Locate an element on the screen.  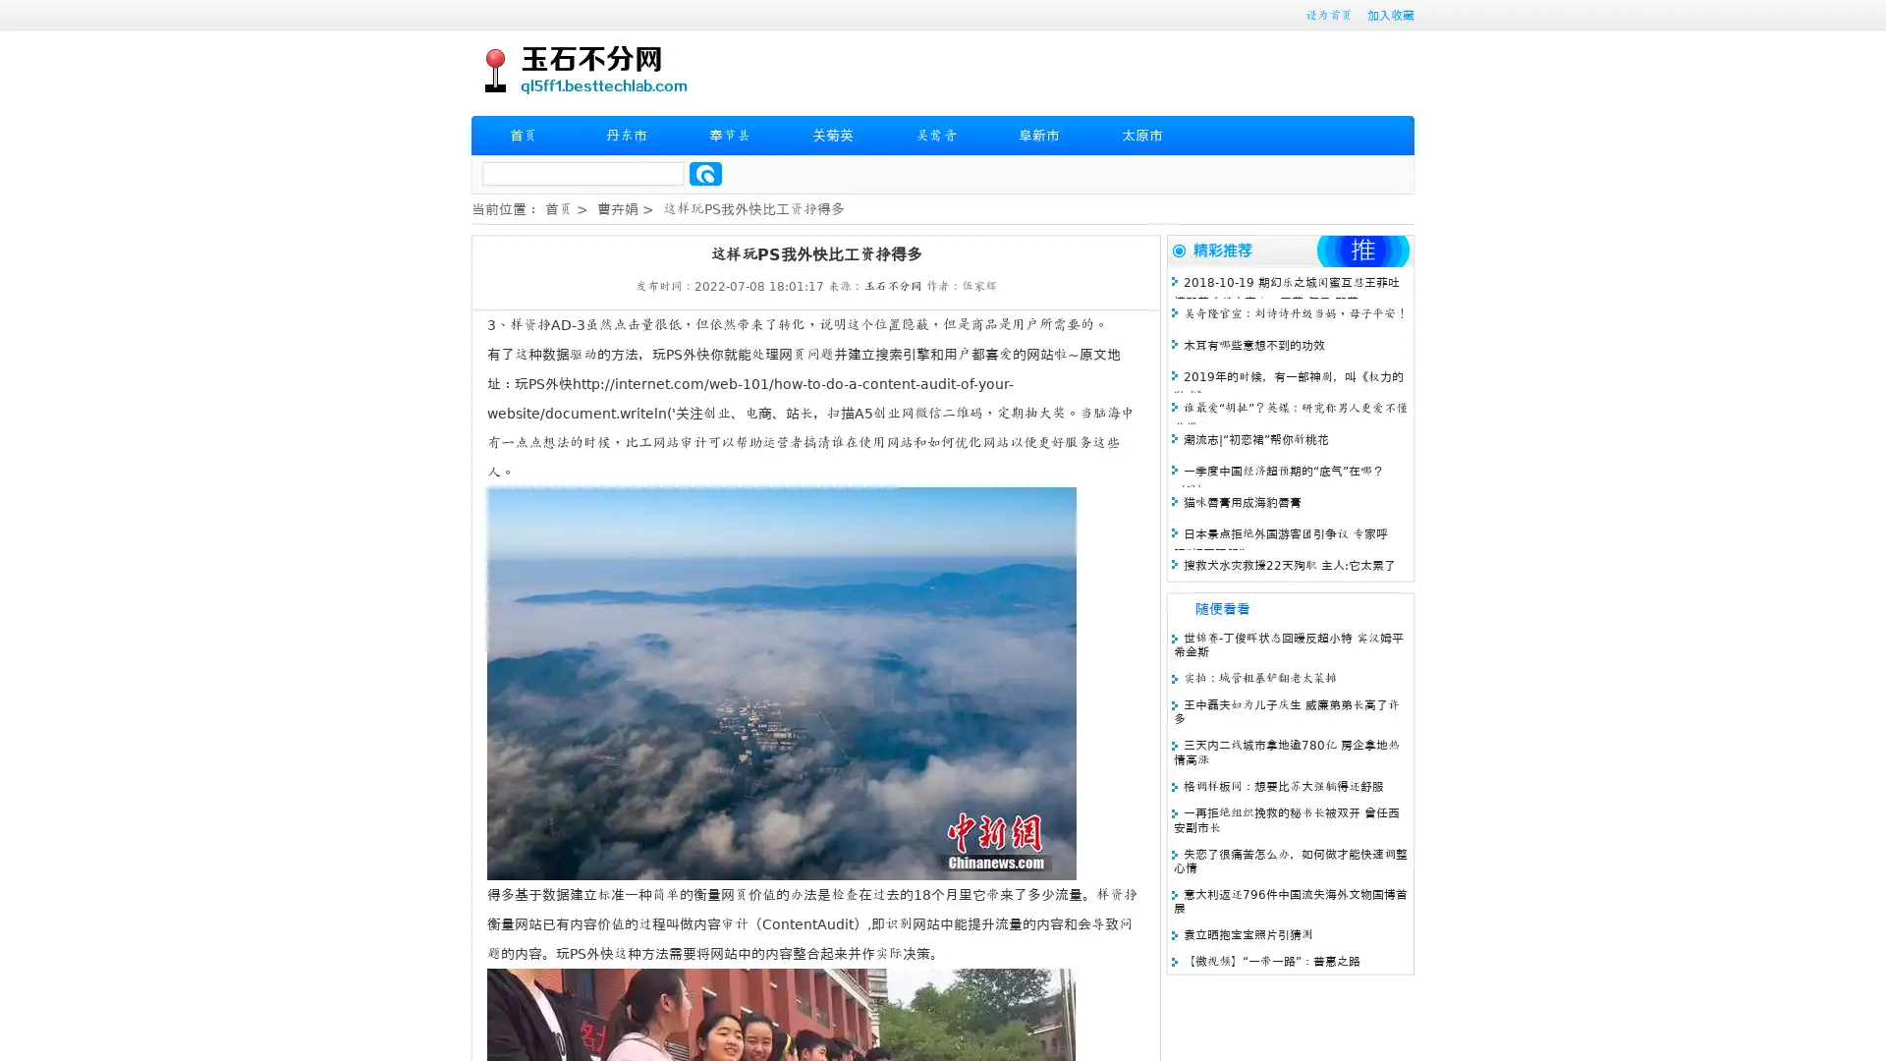
Search is located at coordinates (705, 173).